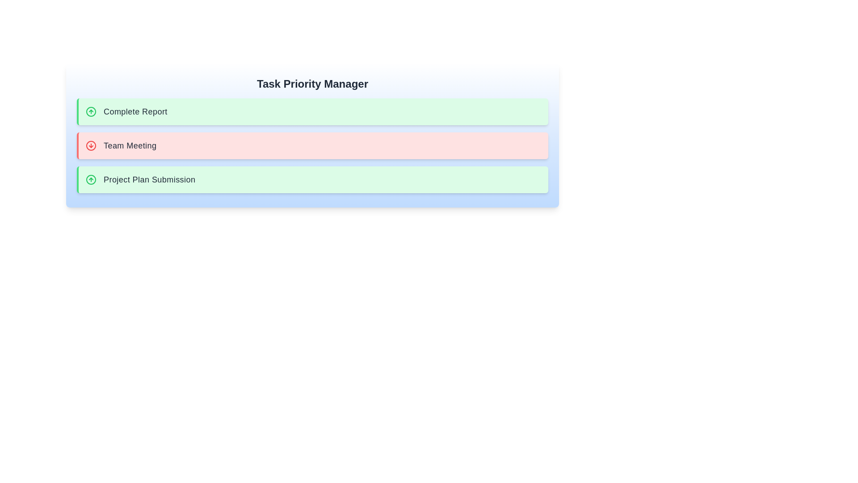 This screenshot has width=858, height=483. Describe the element at coordinates (312, 179) in the screenshot. I see `the task item Project Plan Submission to see its hover effects` at that location.